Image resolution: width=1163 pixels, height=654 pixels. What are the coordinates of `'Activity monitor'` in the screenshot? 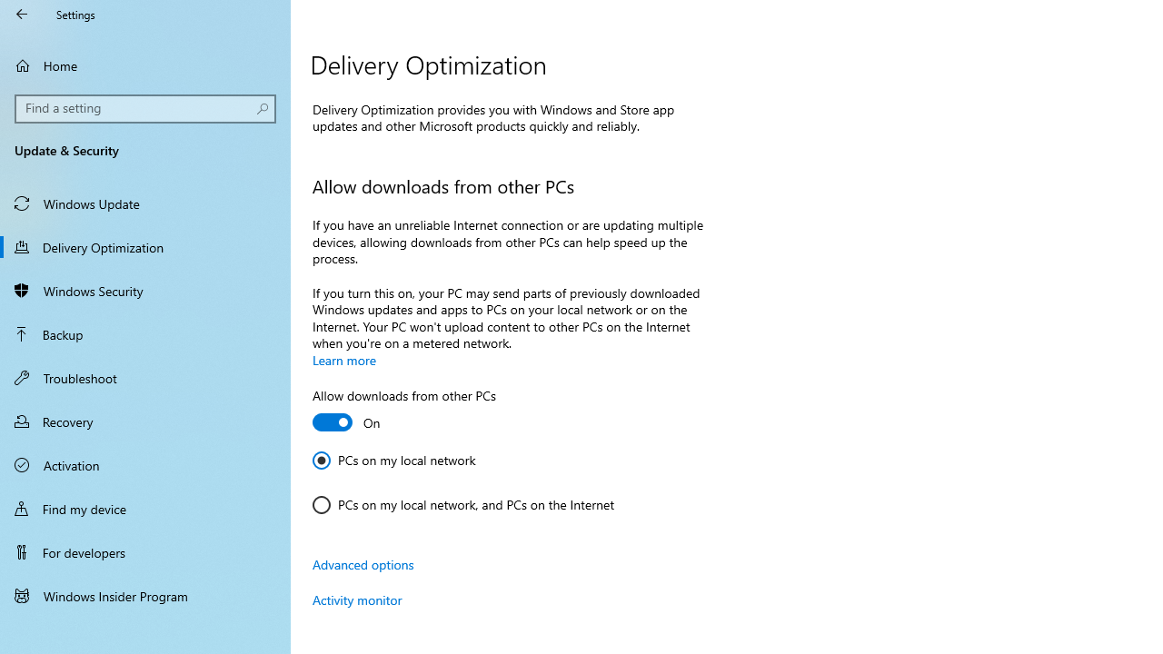 It's located at (357, 599).